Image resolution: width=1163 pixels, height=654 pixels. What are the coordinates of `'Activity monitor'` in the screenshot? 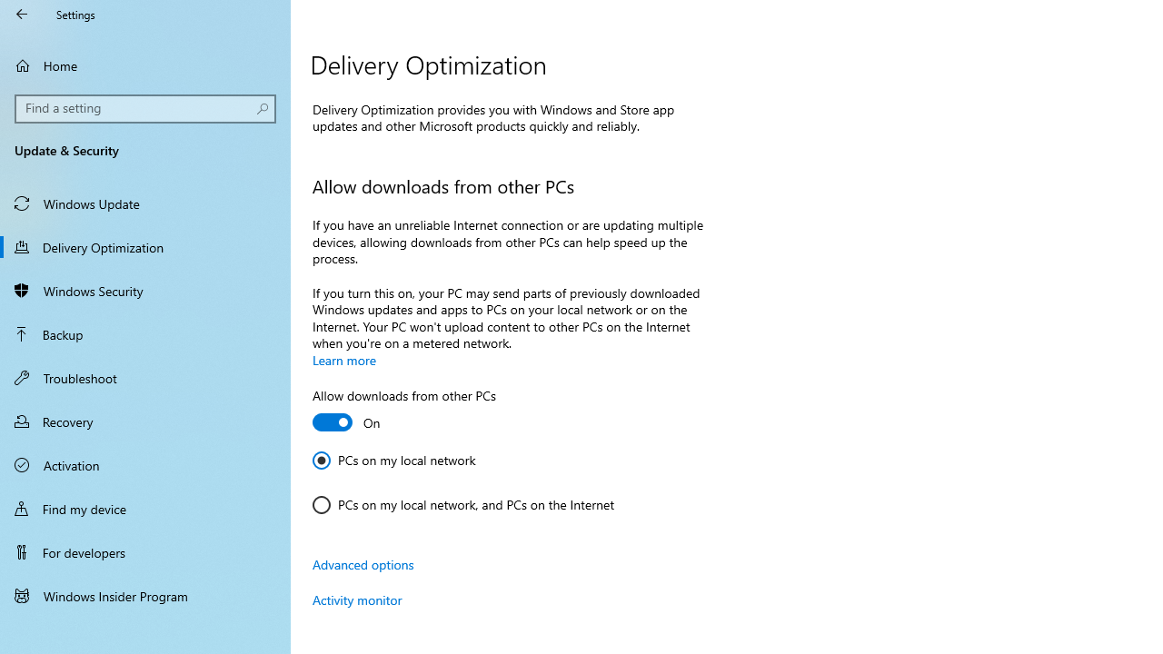 It's located at (357, 599).